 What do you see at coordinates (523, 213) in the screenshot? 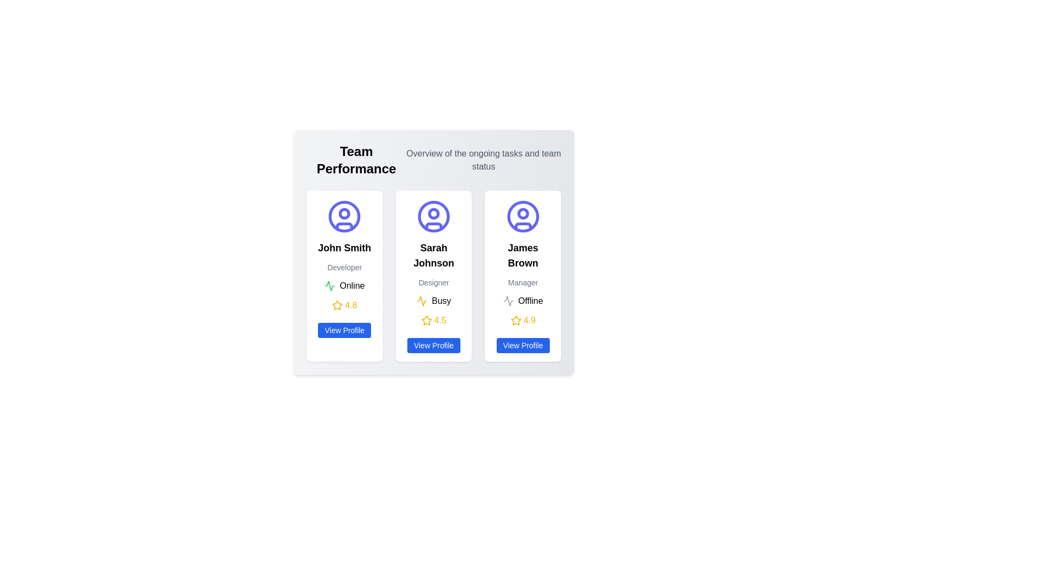
I see `the small circle inside the user profile icon, which has a blue outline and is positioned near the middle-top area of the profile icon labeled 'Sarah Johnson'` at bounding box center [523, 213].